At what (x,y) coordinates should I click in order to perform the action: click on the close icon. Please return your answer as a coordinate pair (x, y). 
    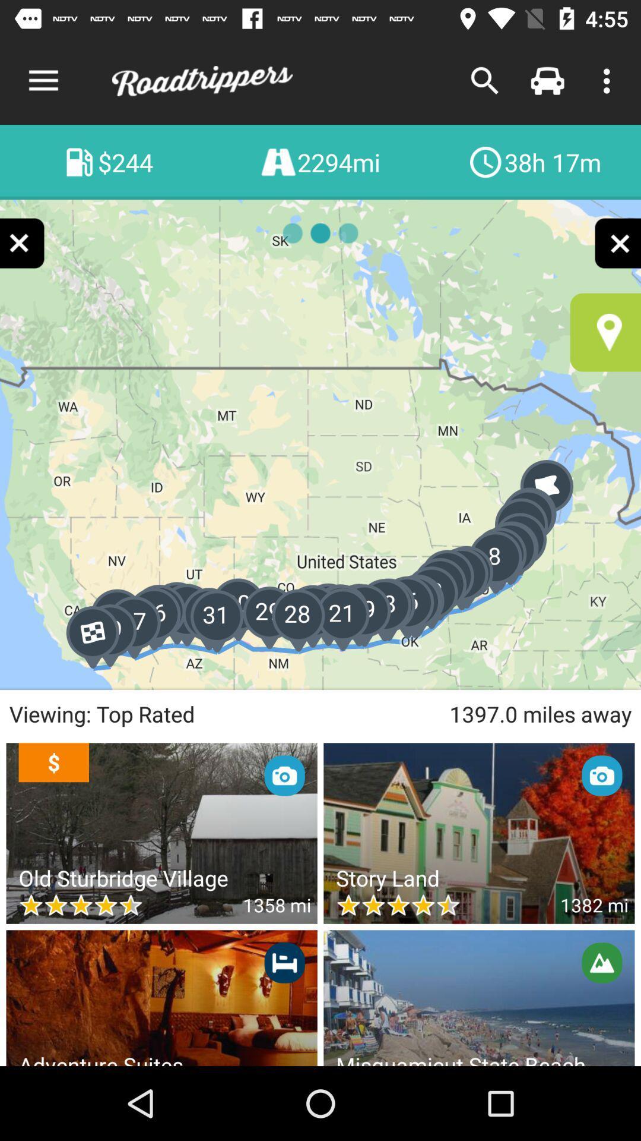
    Looking at the image, I should click on (617, 242).